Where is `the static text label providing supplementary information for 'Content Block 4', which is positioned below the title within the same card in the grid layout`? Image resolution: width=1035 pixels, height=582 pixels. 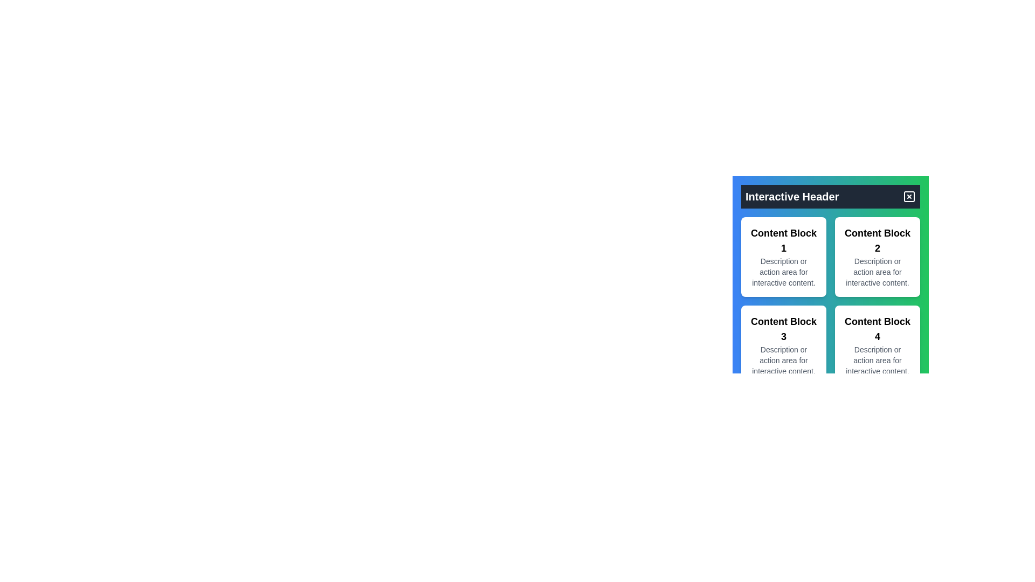 the static text label providing supplementary information for 'Content Block 4', which is positioned below the title within the same card in the grid layout is located at coordinates (877, 360).